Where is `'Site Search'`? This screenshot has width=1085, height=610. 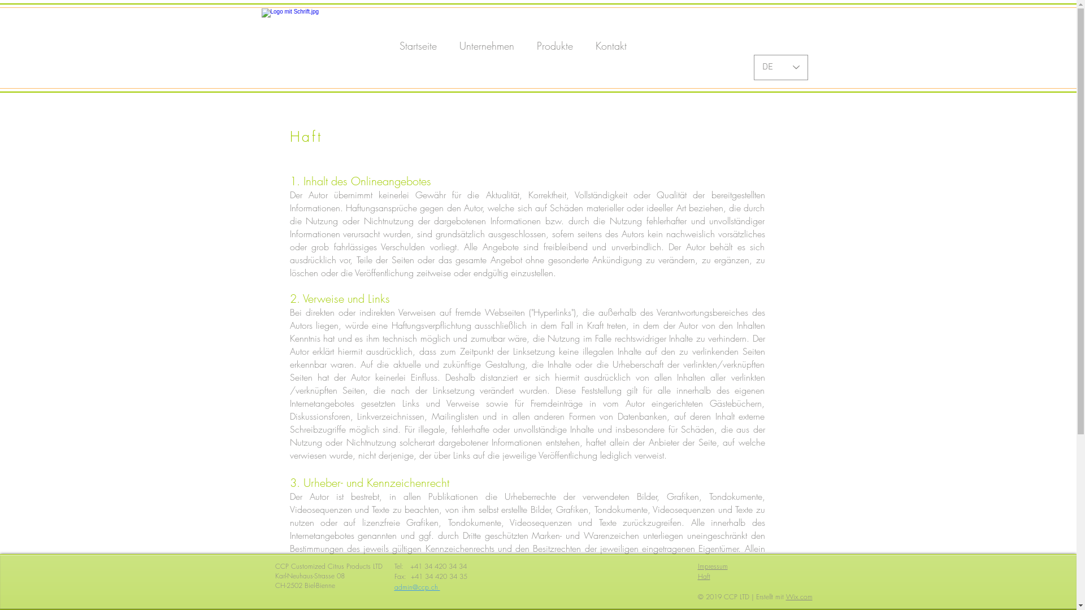 'Site Search' is located at coordinates (696, 46).